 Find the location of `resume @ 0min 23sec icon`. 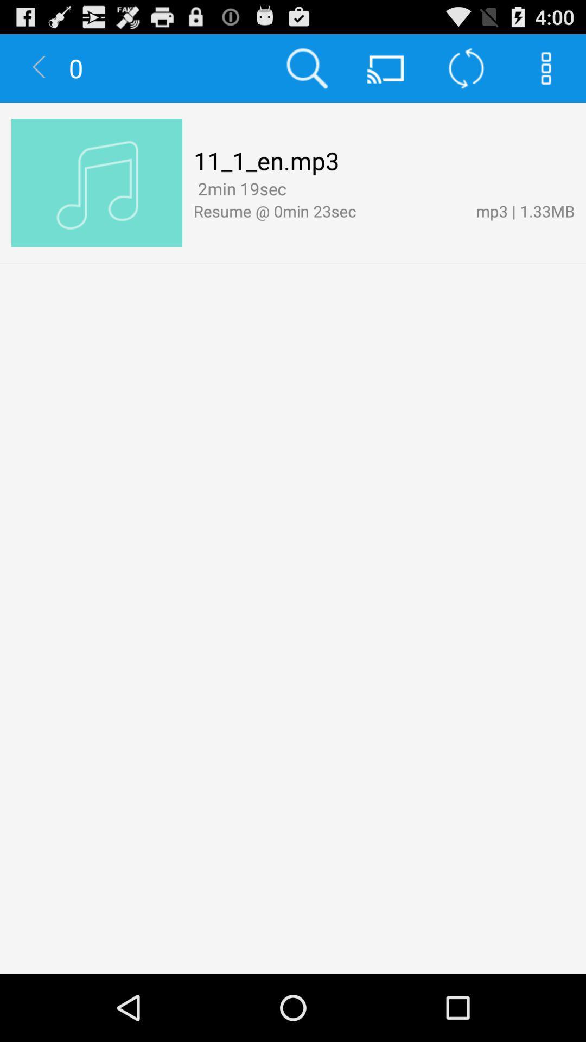

resume @ 0min 23sec icon is located at coordinates (328, 211).